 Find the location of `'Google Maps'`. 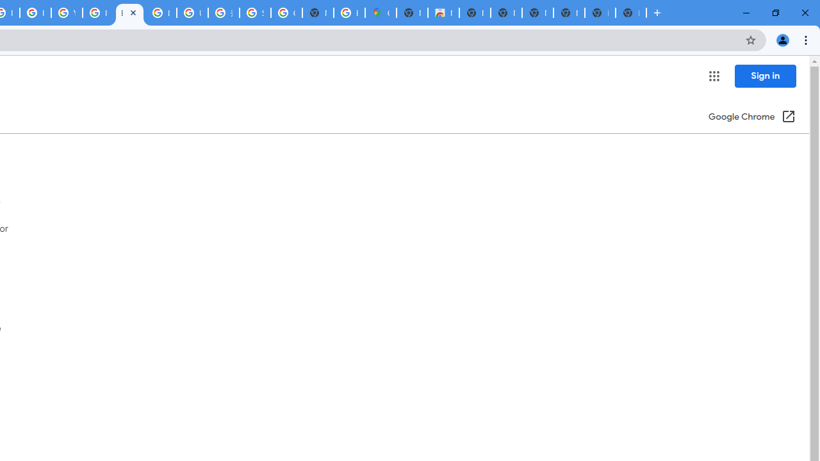

'Google Maps' is located at coordinates (380, 13).